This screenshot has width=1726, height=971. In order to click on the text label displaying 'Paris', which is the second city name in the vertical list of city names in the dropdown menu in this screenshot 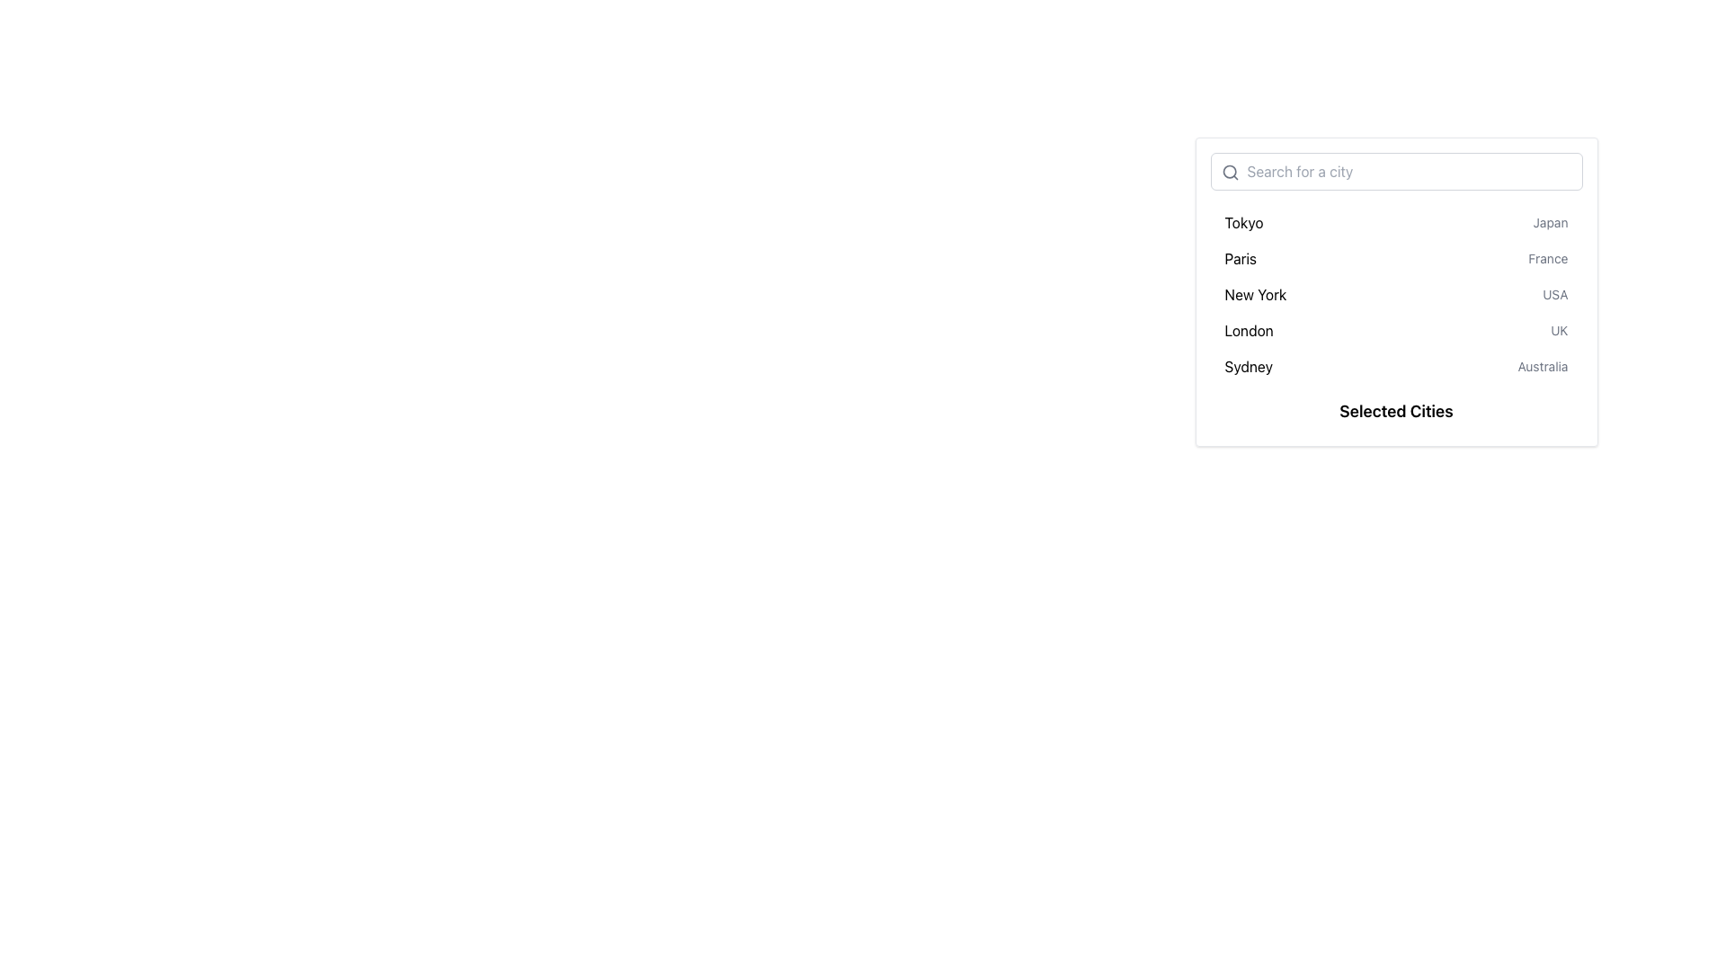, I will do `click(1240, 259)`.